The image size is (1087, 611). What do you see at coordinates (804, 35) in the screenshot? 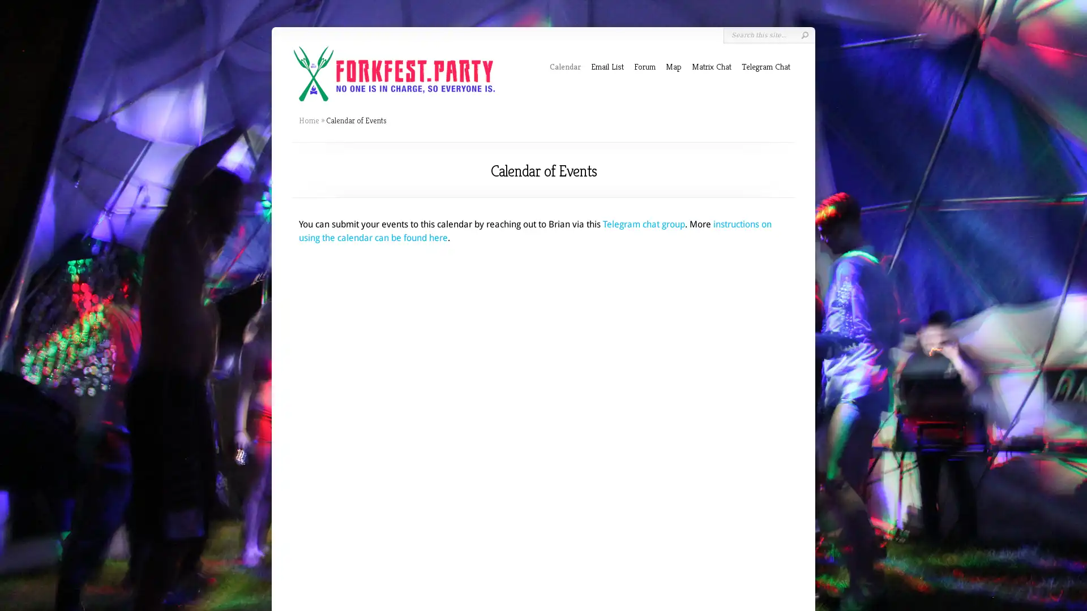
I see `Submit` at bounding box center [804, 35].